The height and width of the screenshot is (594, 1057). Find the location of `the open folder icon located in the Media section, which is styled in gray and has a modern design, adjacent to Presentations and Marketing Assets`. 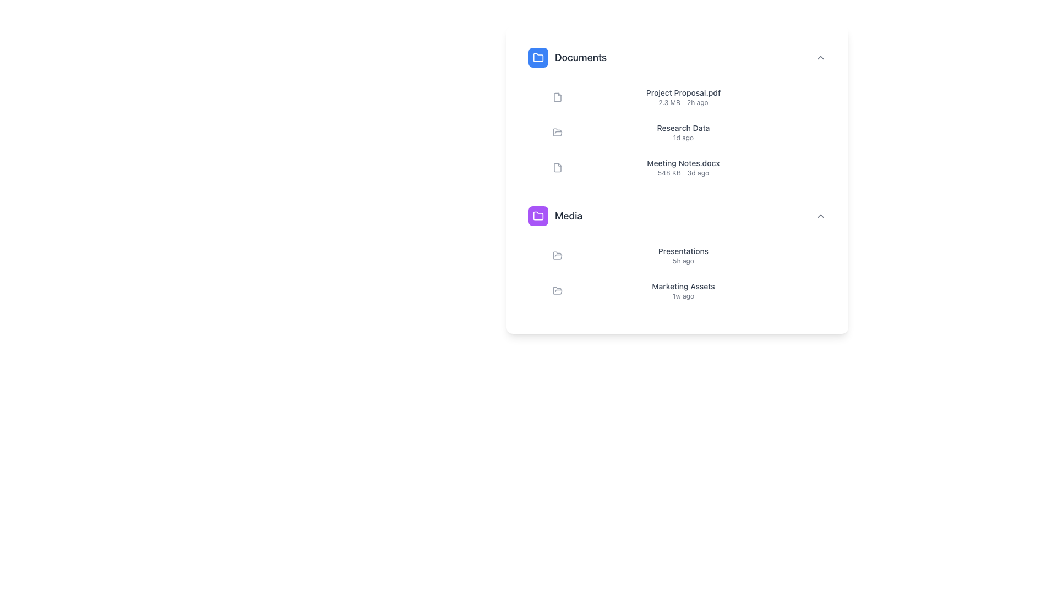

the open folder icon located in the Media section, which is styled in gray and has a modern design, adjacent to Presentations and Marketing Assets is located at coordinates (557, 290).